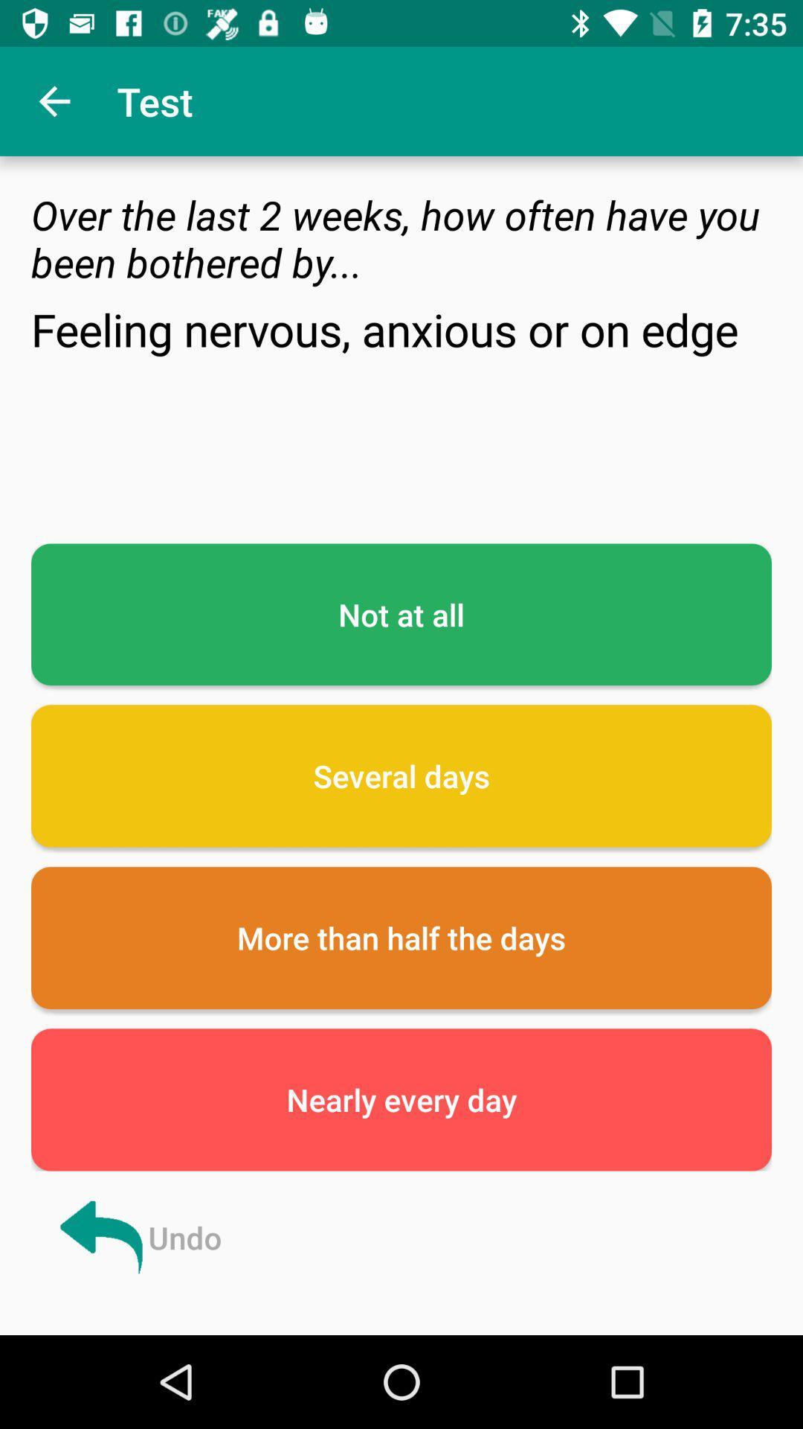 The width and height of the screenshot is (803, 1429). Describe the element at coordinates (401, 775) in the screenshot. I see `several days` at that location.